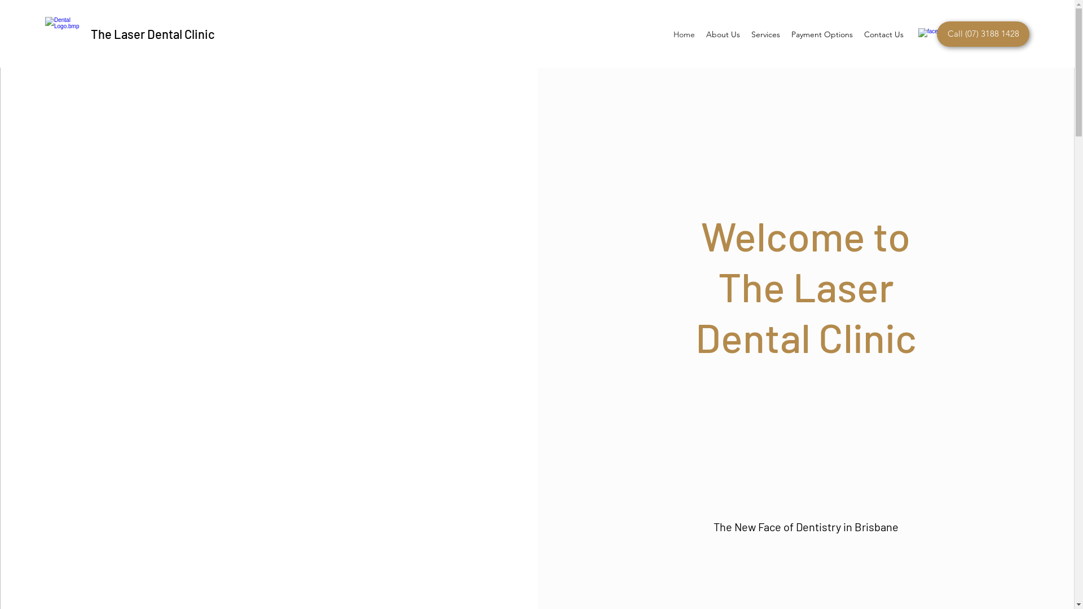  I want to click on 'Payment Options', so click(822, 34).